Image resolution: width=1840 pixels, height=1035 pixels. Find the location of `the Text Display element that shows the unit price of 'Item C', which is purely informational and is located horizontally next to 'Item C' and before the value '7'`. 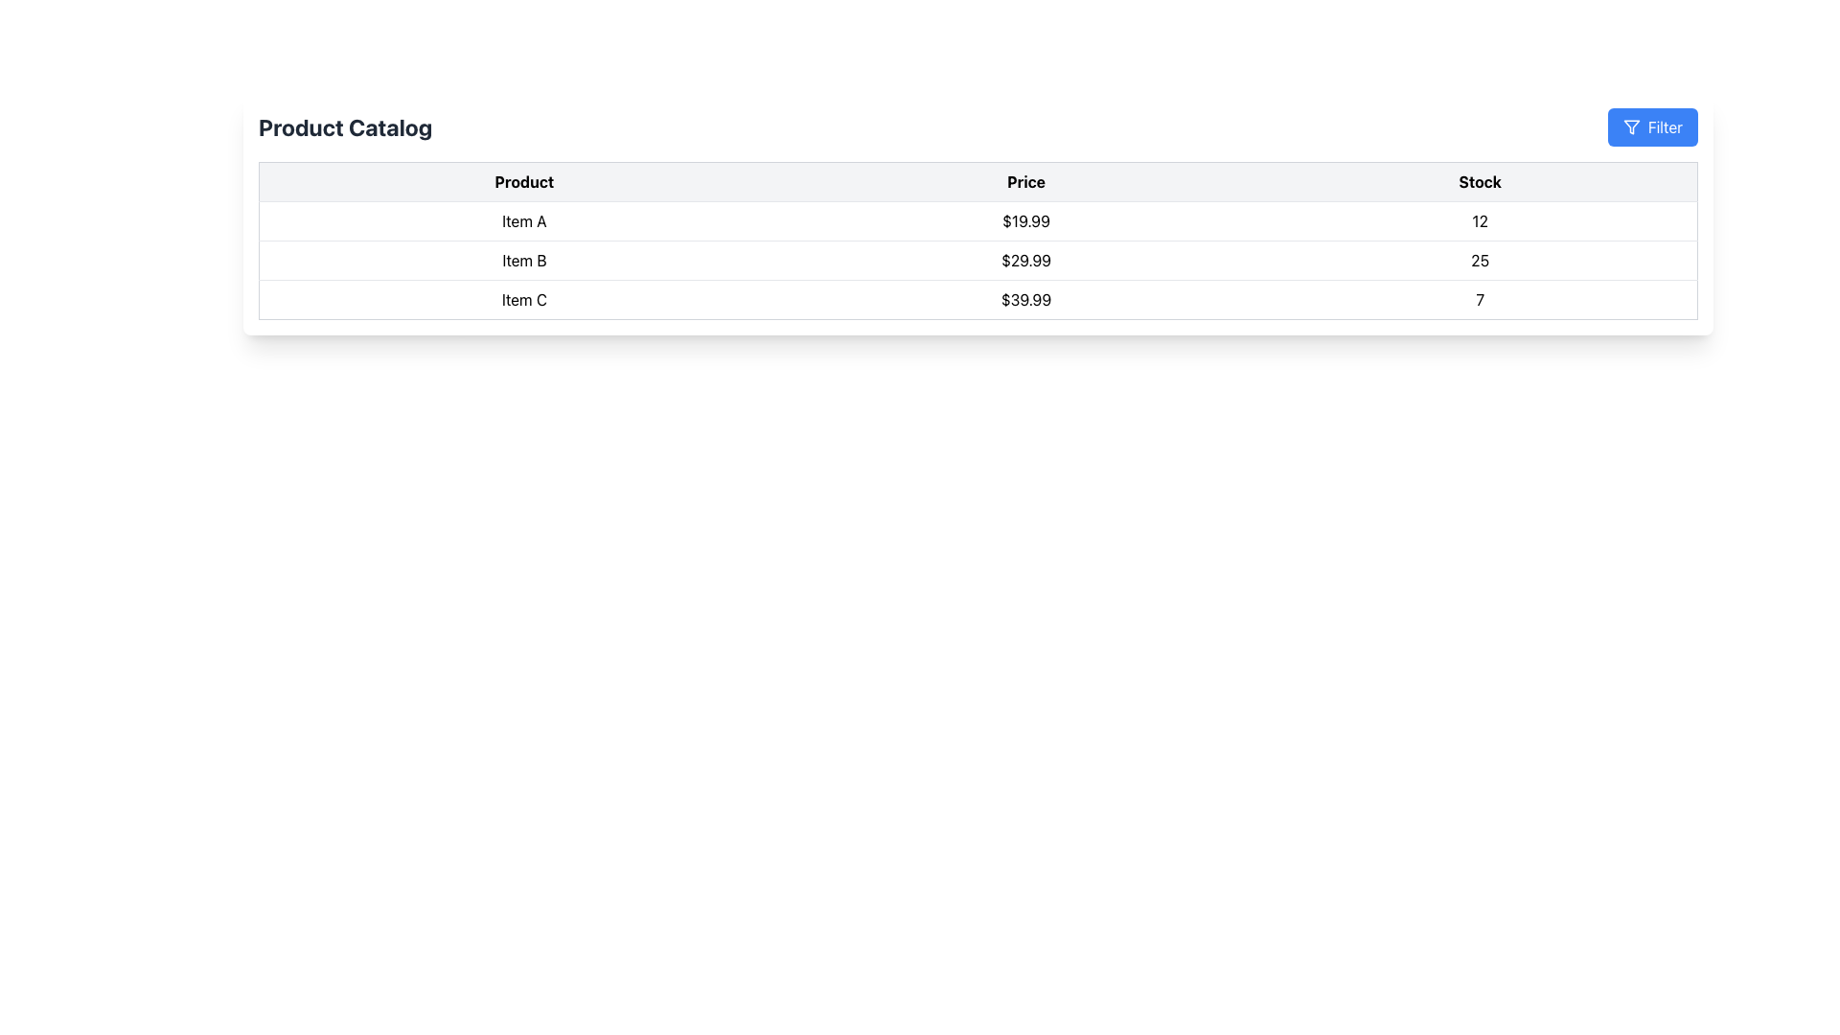

the Text Display element that shows the unit price of 'Item C', which is purely informational and is located horizontally next to 'Item C' and before the value '7' is located at coordinates (1025, 299).